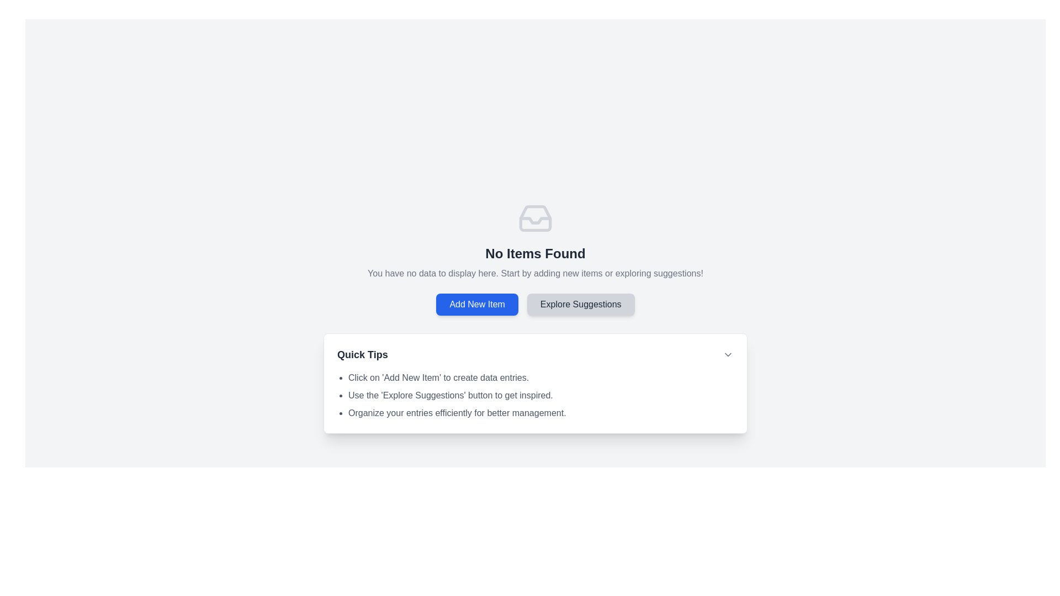 This screenshot has width=1060, height=596. I want to click on the textual instruction that reads 'Click on 'Add New Item' to create data entries.' which is the first item in the bullet-point list under the 'Quick Tips' section, so click(540, 377).